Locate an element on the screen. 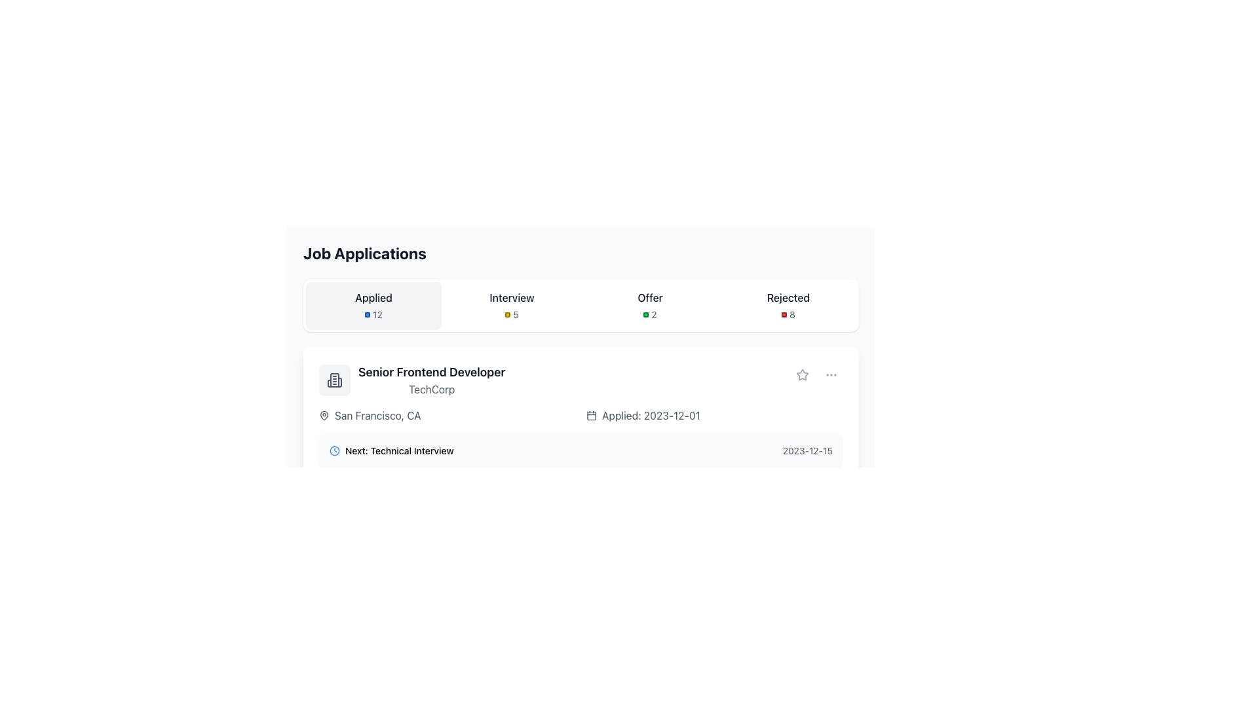  the small blue outline clock icon located to the left of the 'Next: Technical Interview' text in the job application module is located at coordinates (334, 450).